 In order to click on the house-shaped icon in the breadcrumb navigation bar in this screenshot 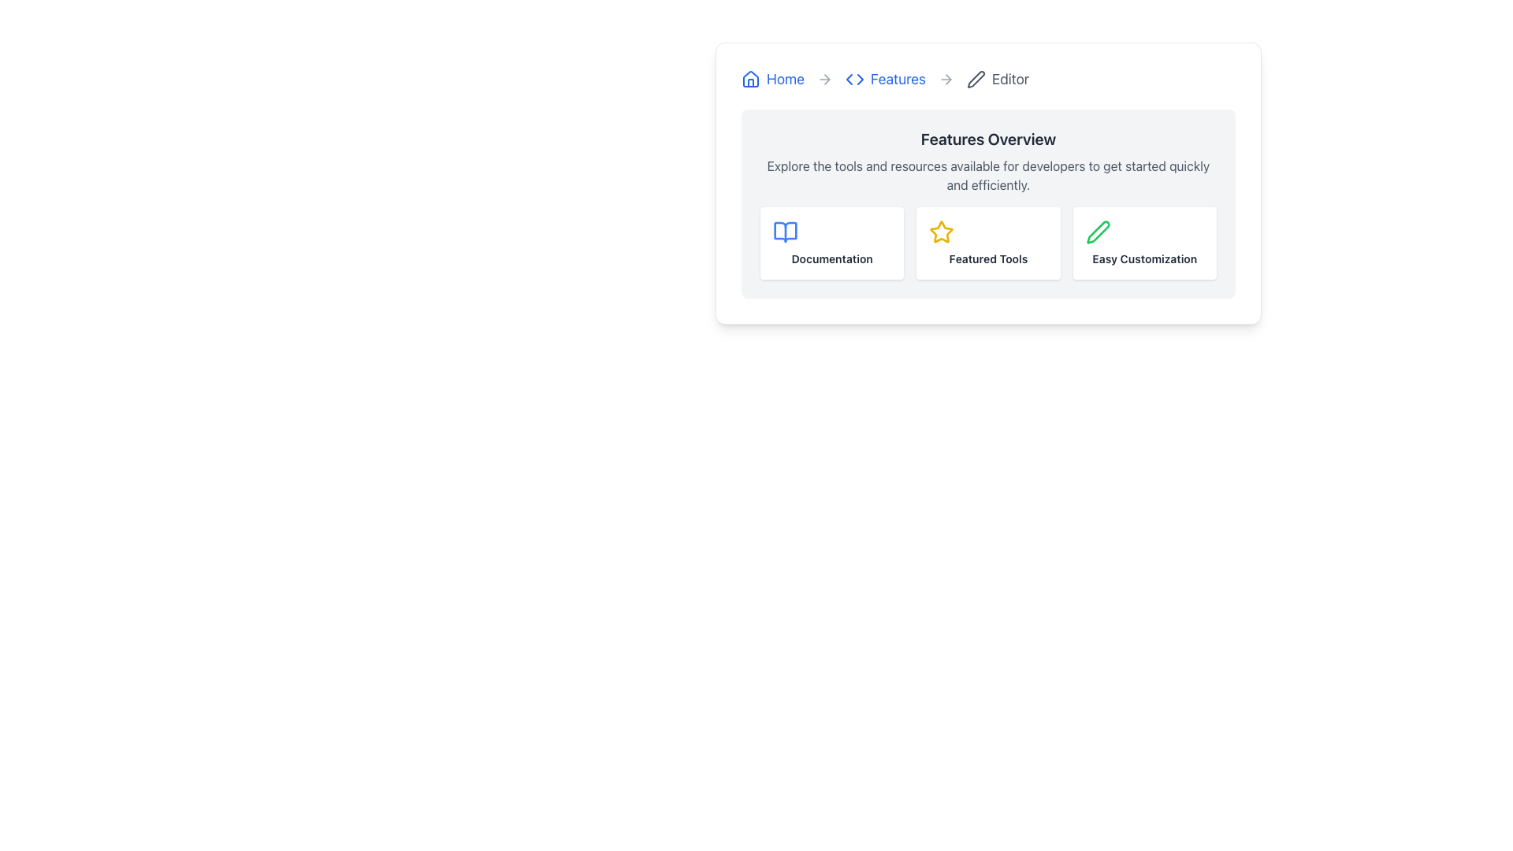, I will do `click(750, 79)`.